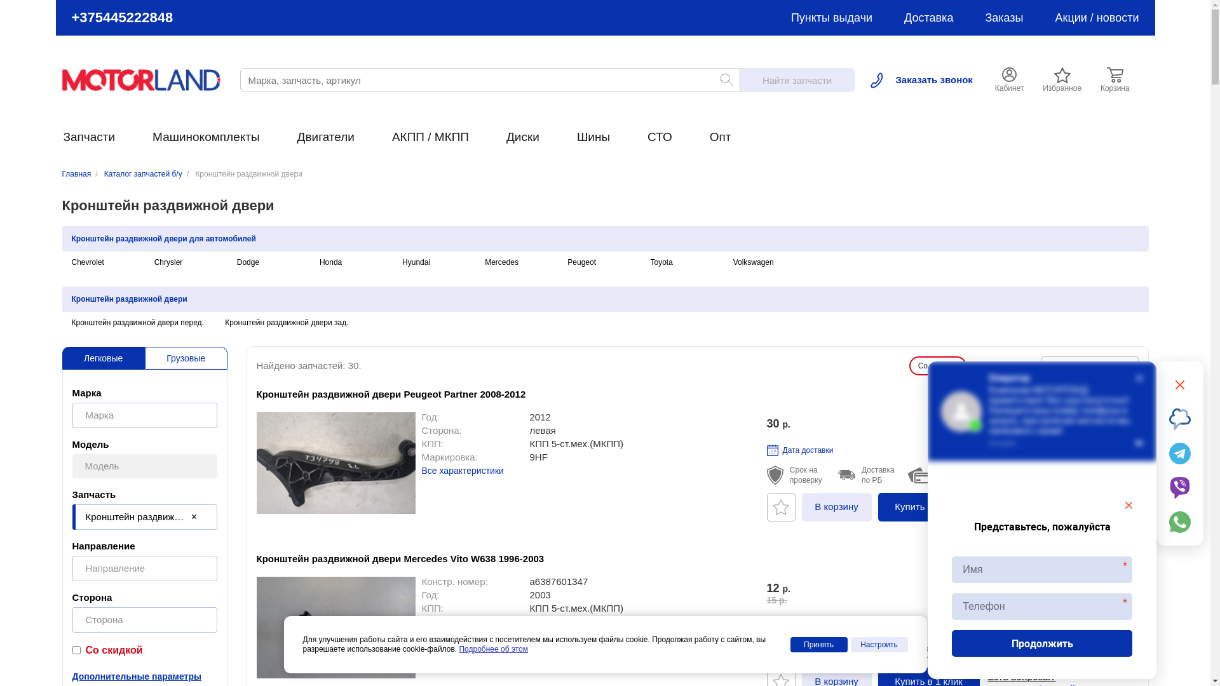 The width and height of the screenshot is (1220, 686). Describe the element at coordinates (86, 261) in the screenshot. I see `'Chevrolet'` at that location.